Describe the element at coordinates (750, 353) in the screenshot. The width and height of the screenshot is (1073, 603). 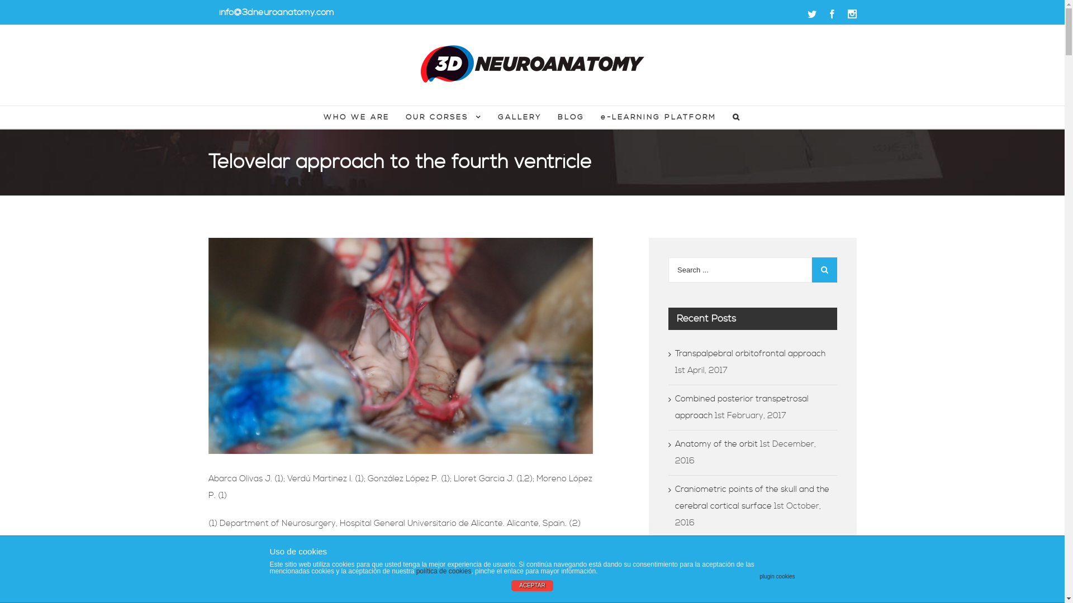
I see `'Transpalpebral orbitofrontal approach'` at that location.